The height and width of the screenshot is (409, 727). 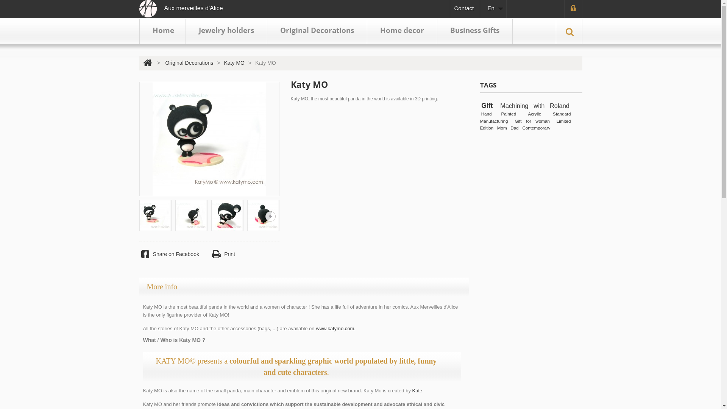 I want to click on 'Kate', so click(x=417, y=390).